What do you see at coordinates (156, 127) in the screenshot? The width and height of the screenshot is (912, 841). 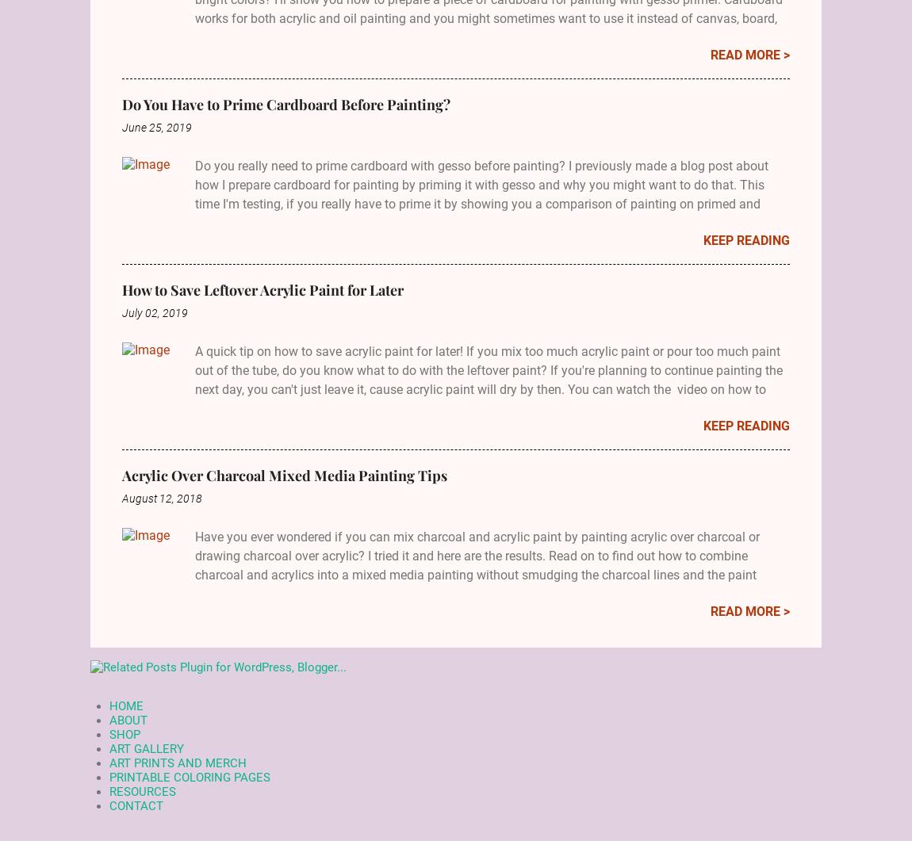 I see `'June 25, 2019'` at bounding box center [156, 127].